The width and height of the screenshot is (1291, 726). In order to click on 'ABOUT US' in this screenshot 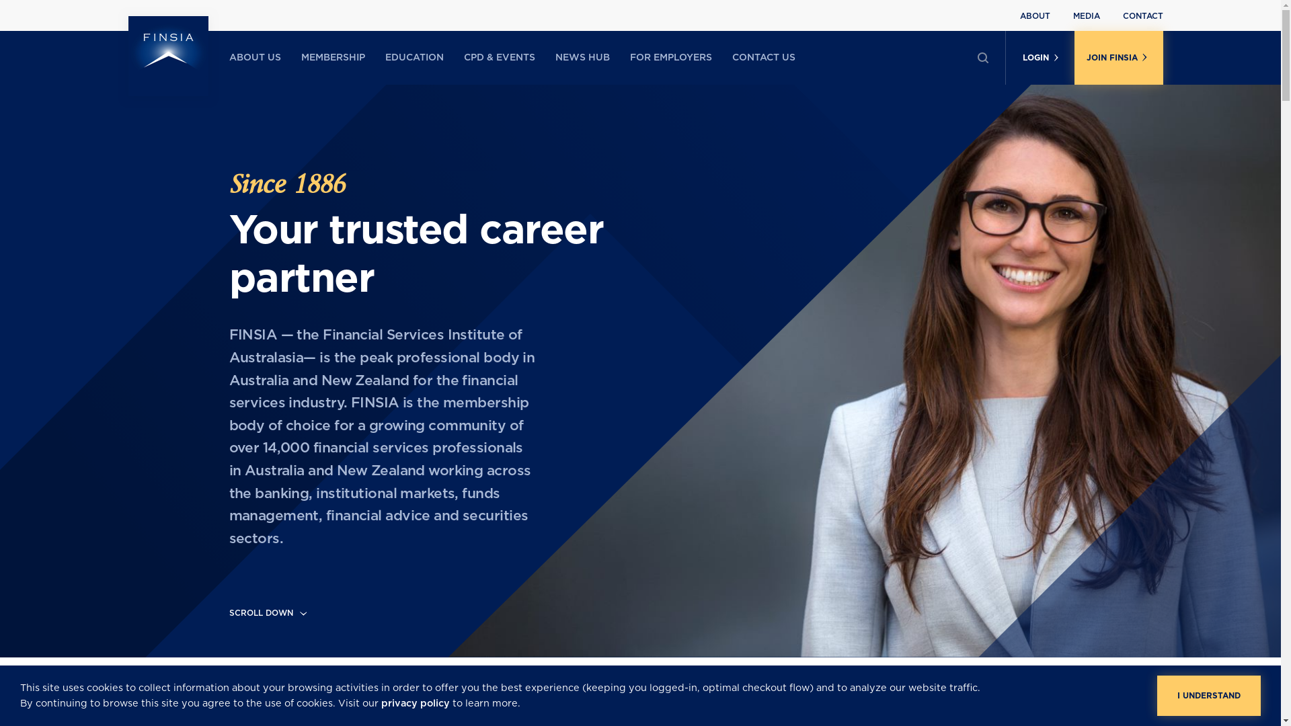, I will do `click(254, 56)`.